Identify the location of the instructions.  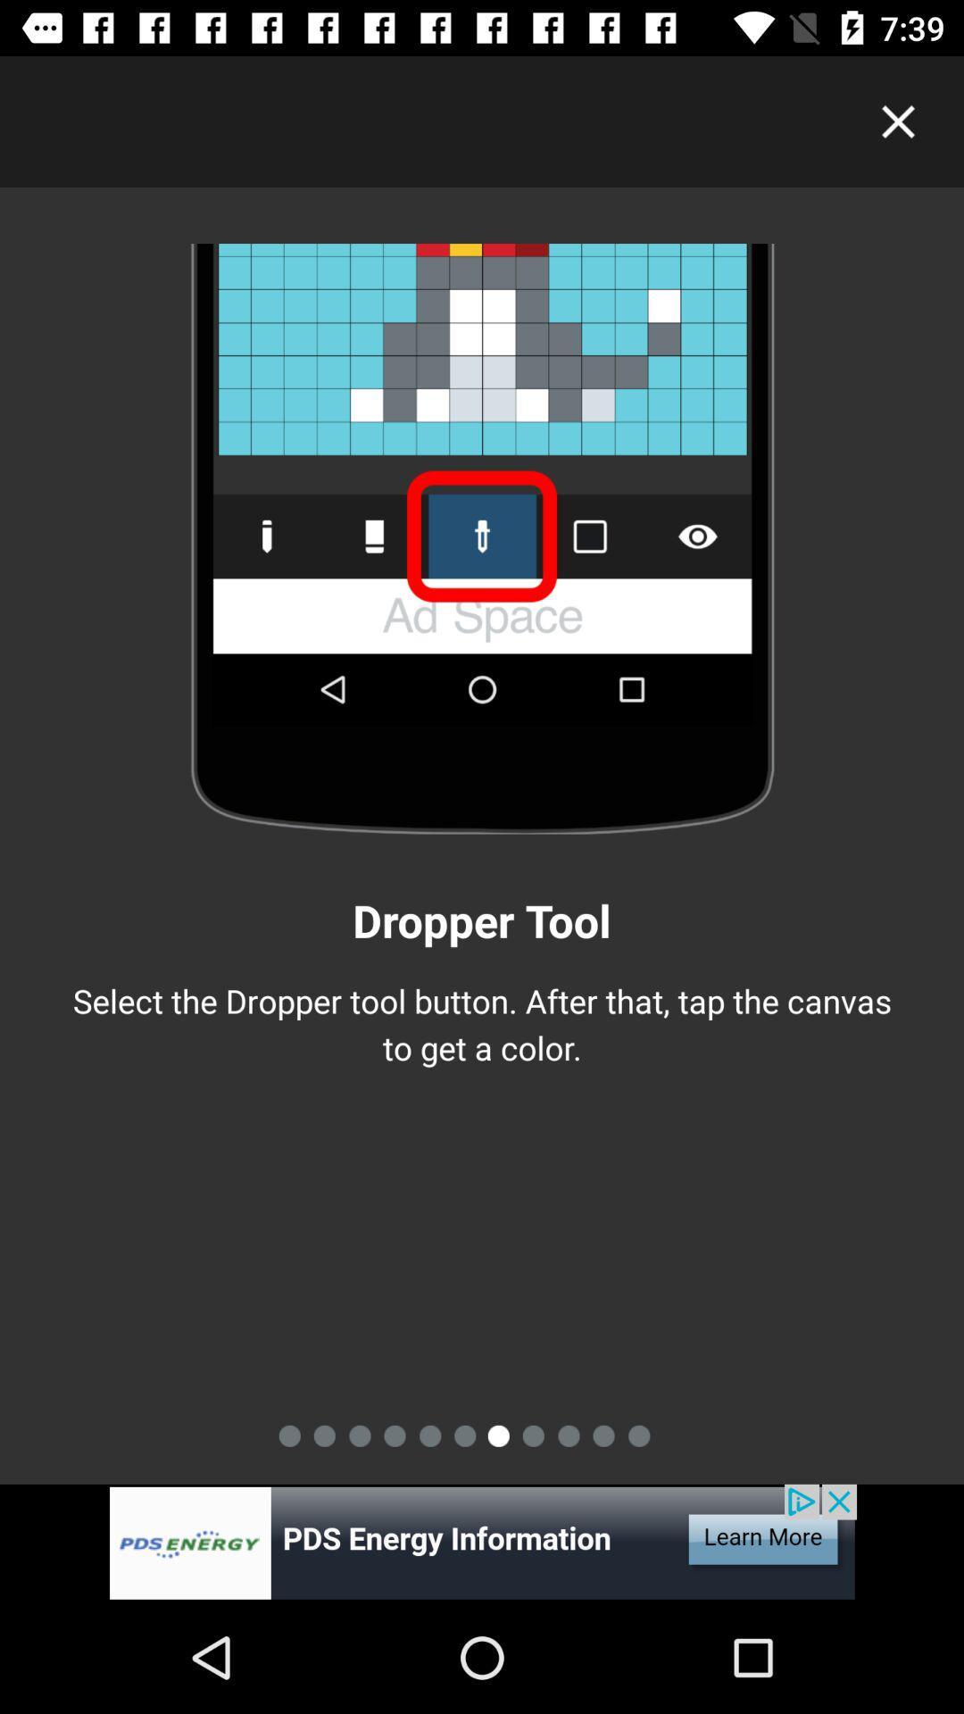
(898, 121).